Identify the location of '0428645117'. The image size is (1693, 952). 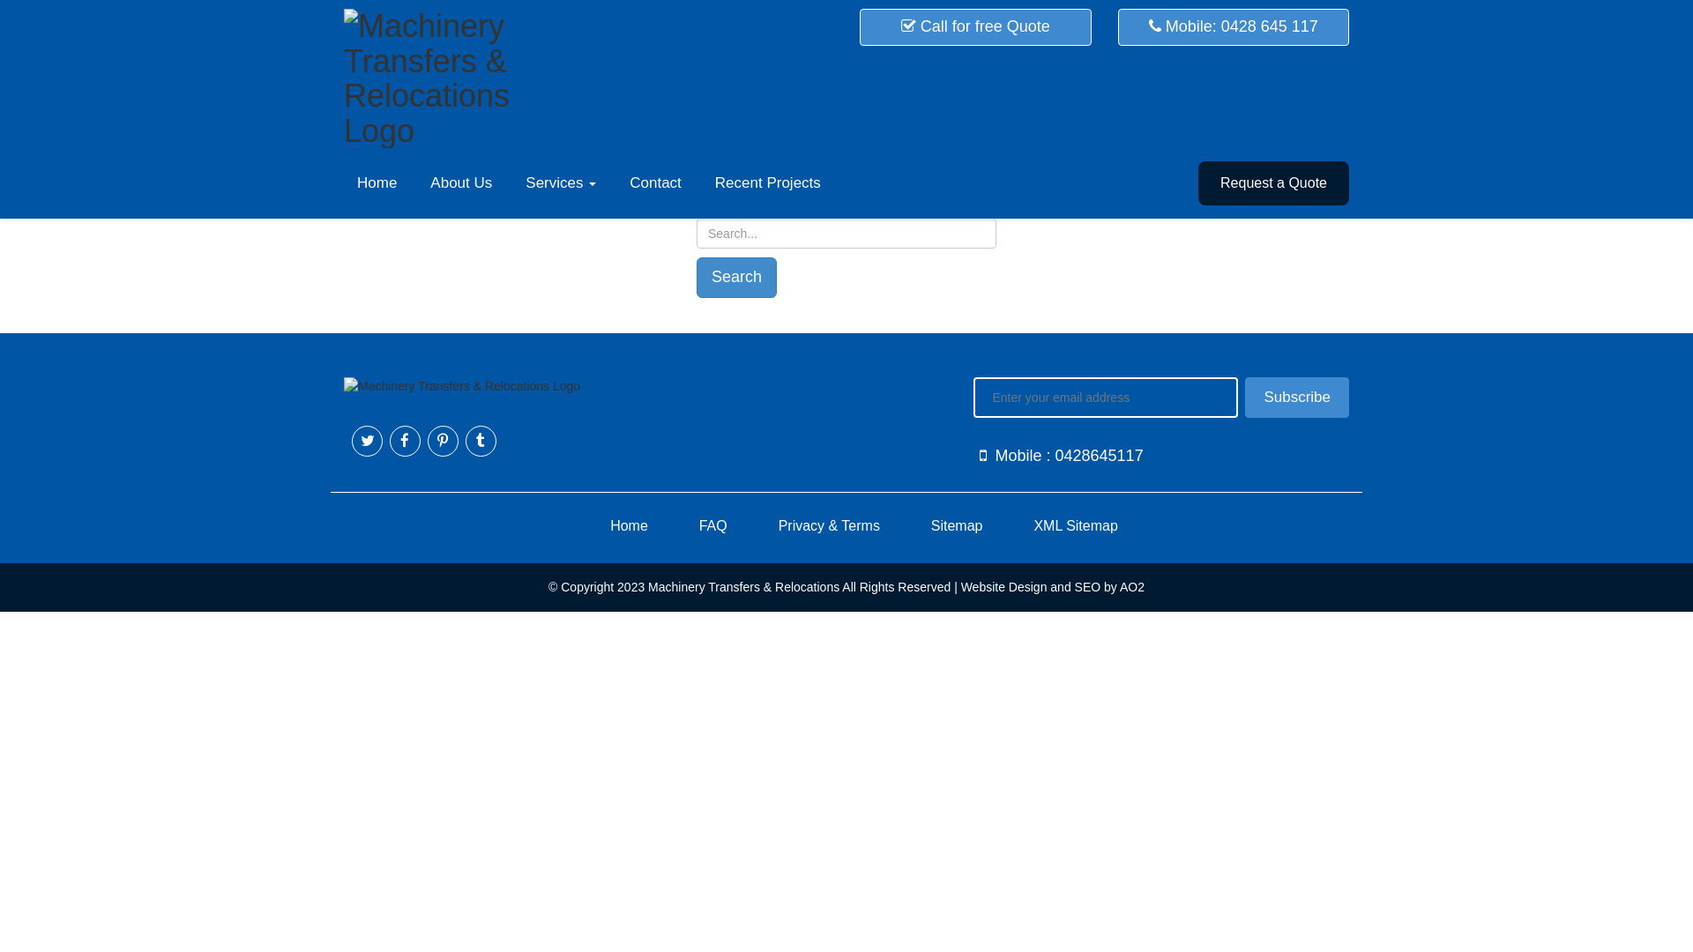
(1099, 454).